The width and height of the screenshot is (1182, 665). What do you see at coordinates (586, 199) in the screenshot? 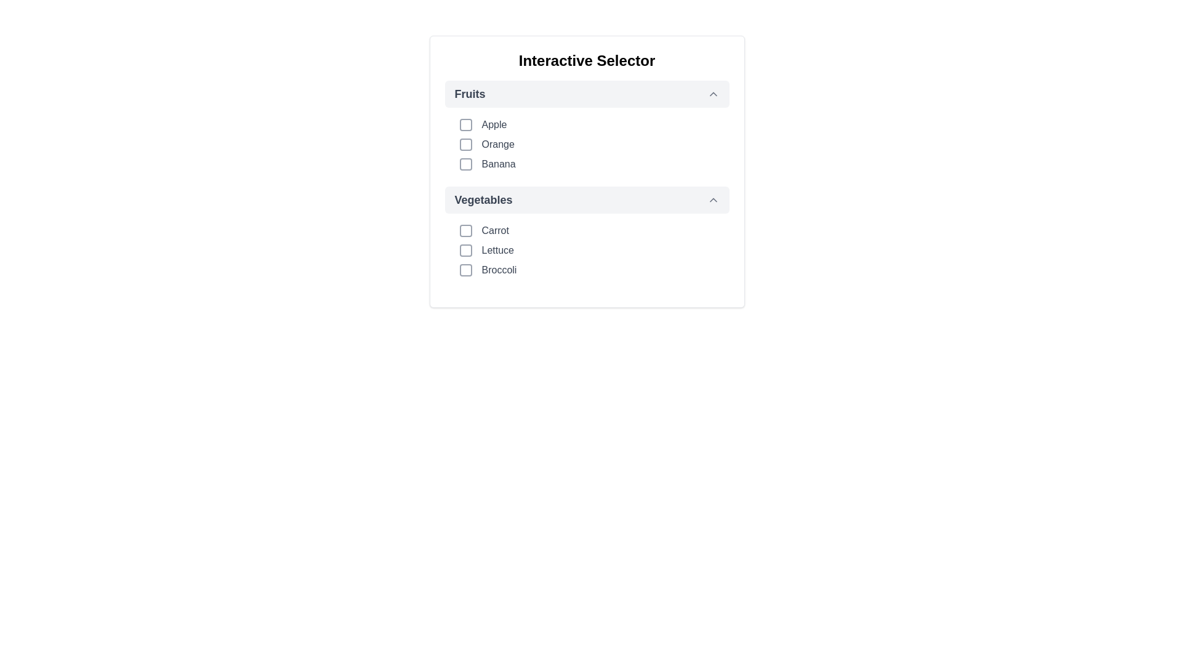
I see `the Dropdown header row labeled 'Vegetables' for keyboard interaction` at bounding box center [586, 199].